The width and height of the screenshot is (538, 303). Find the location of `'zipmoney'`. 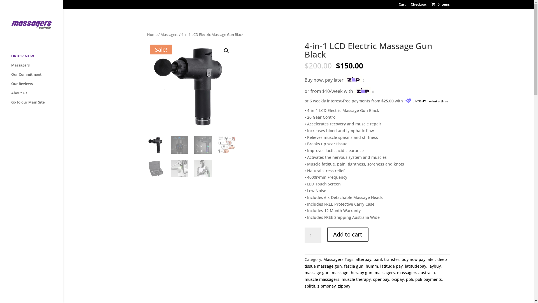

'zipmoney' is located at coordinates (326, 286).